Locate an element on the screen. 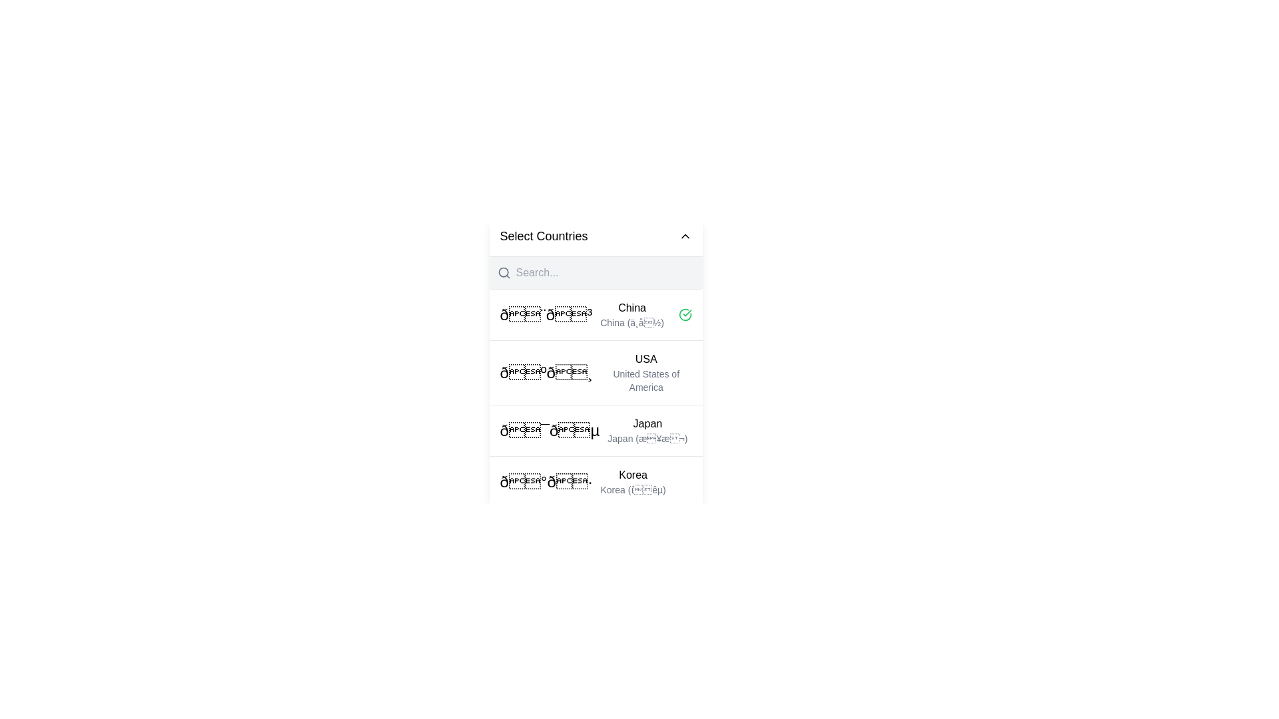  the static text label that provides additional information about the country 'China', specifically displaying its name in another script, located below the header and search bar is located at coordinates (632, 323).